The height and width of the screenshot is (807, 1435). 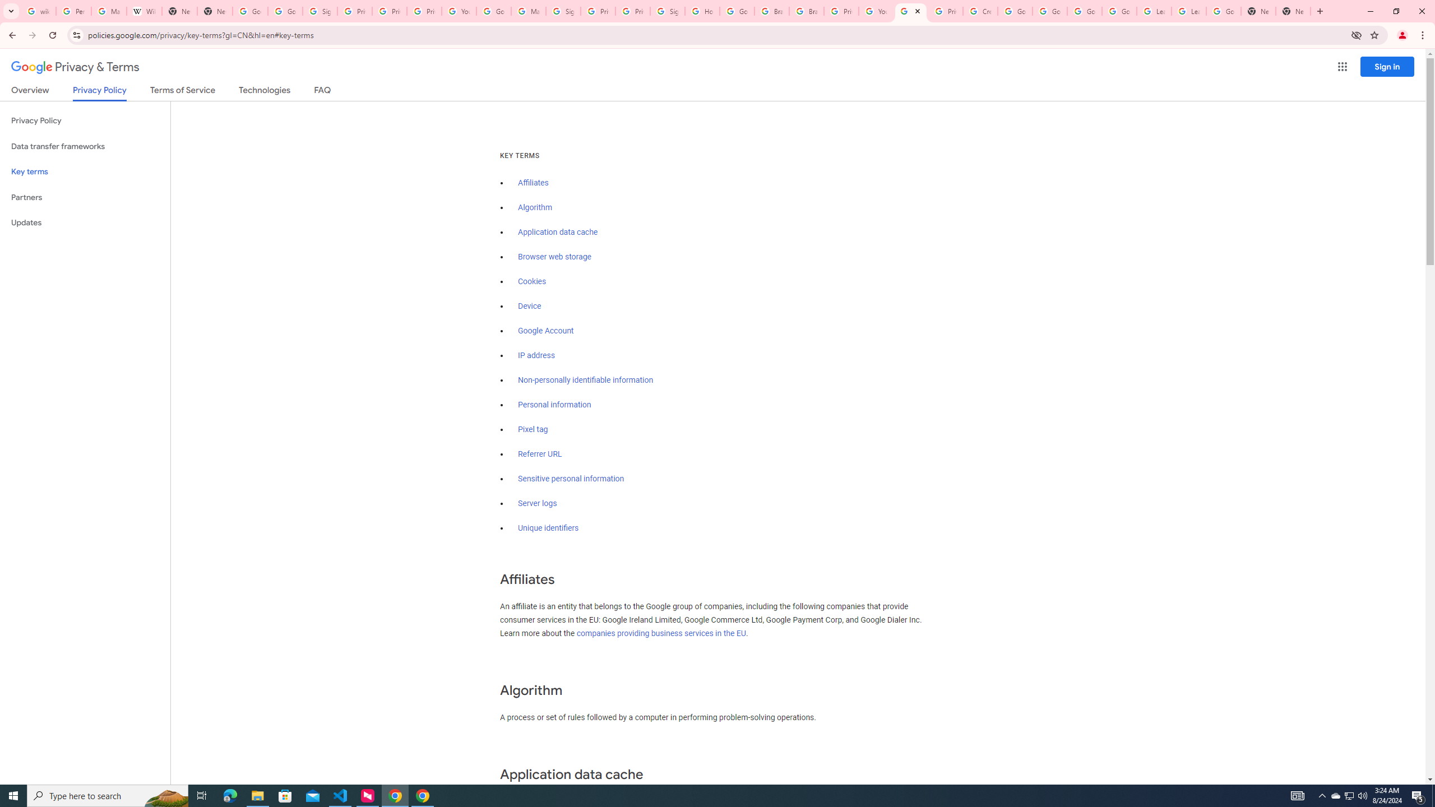 What do you see at coordinates (533, 429) in the screenshot?
I see `'Pixel tag'` at bounding box center [533, 429].